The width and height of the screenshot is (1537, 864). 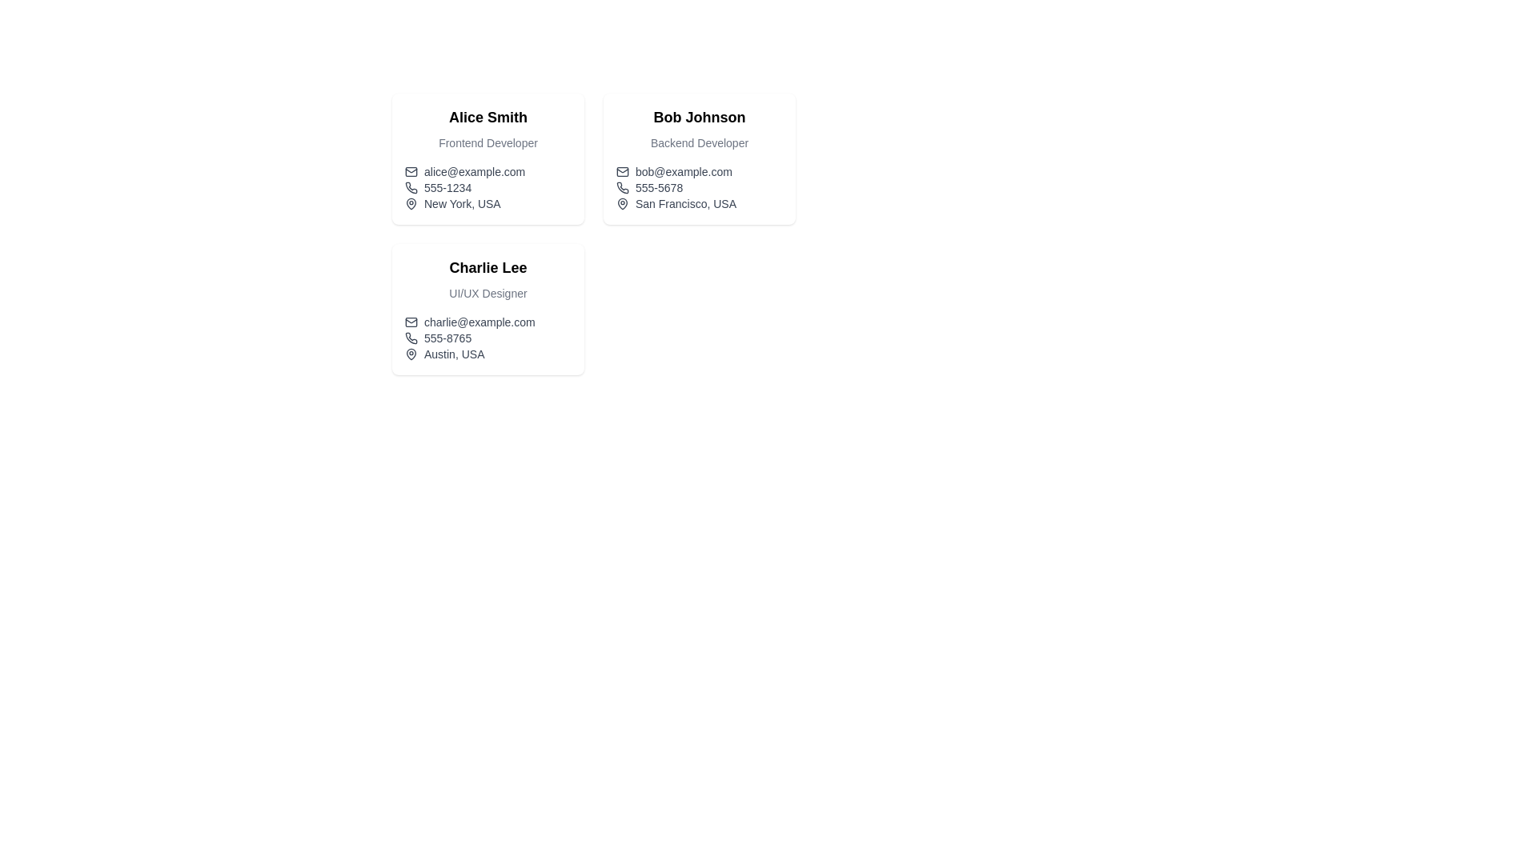 What do you see at coordinates (411, 172) in the screenshot?
I see `the email icon representing Alice Smith's email address` at bounding box center [411, 172].